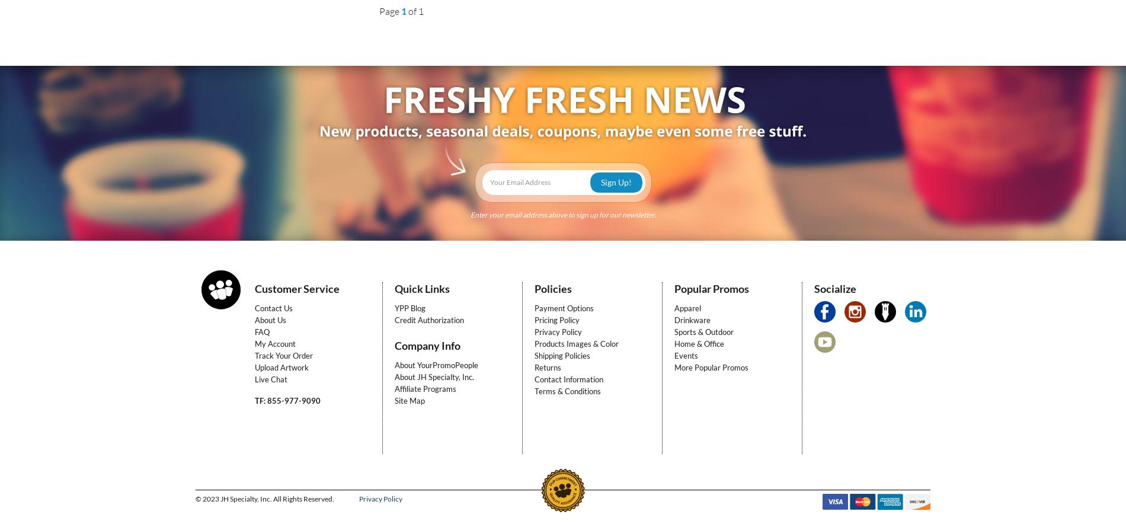  I want to click on 'About JH Specialty, Inc.', so click(434, 376).